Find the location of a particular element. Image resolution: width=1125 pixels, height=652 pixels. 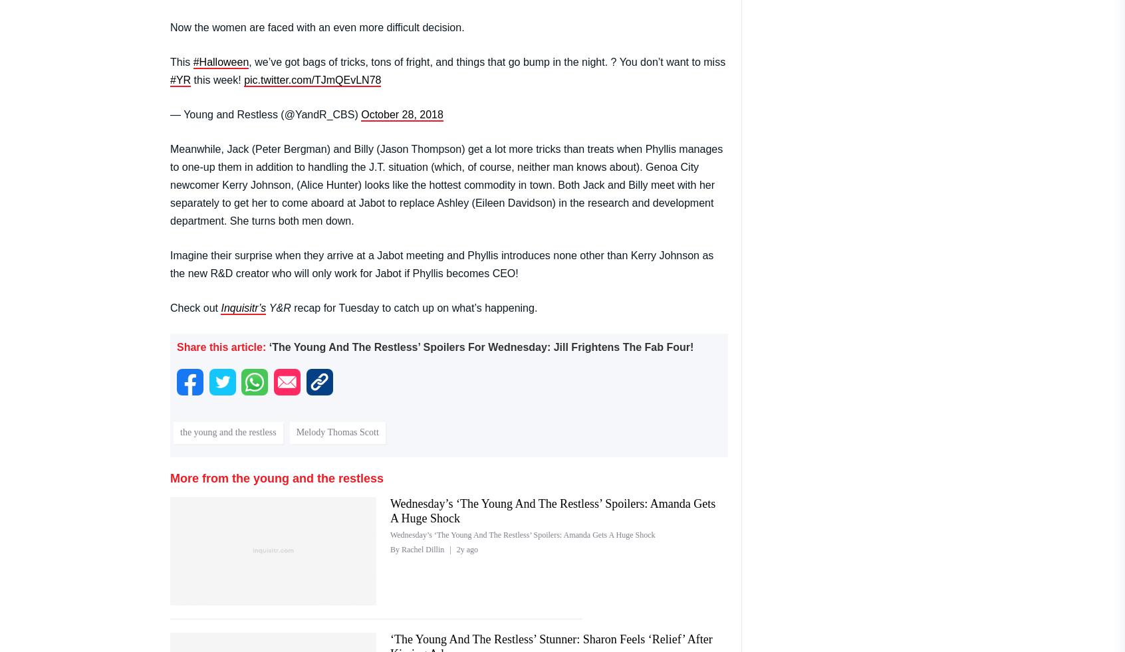

'By Rachel Dillin' is located at coordinates (388, 549).